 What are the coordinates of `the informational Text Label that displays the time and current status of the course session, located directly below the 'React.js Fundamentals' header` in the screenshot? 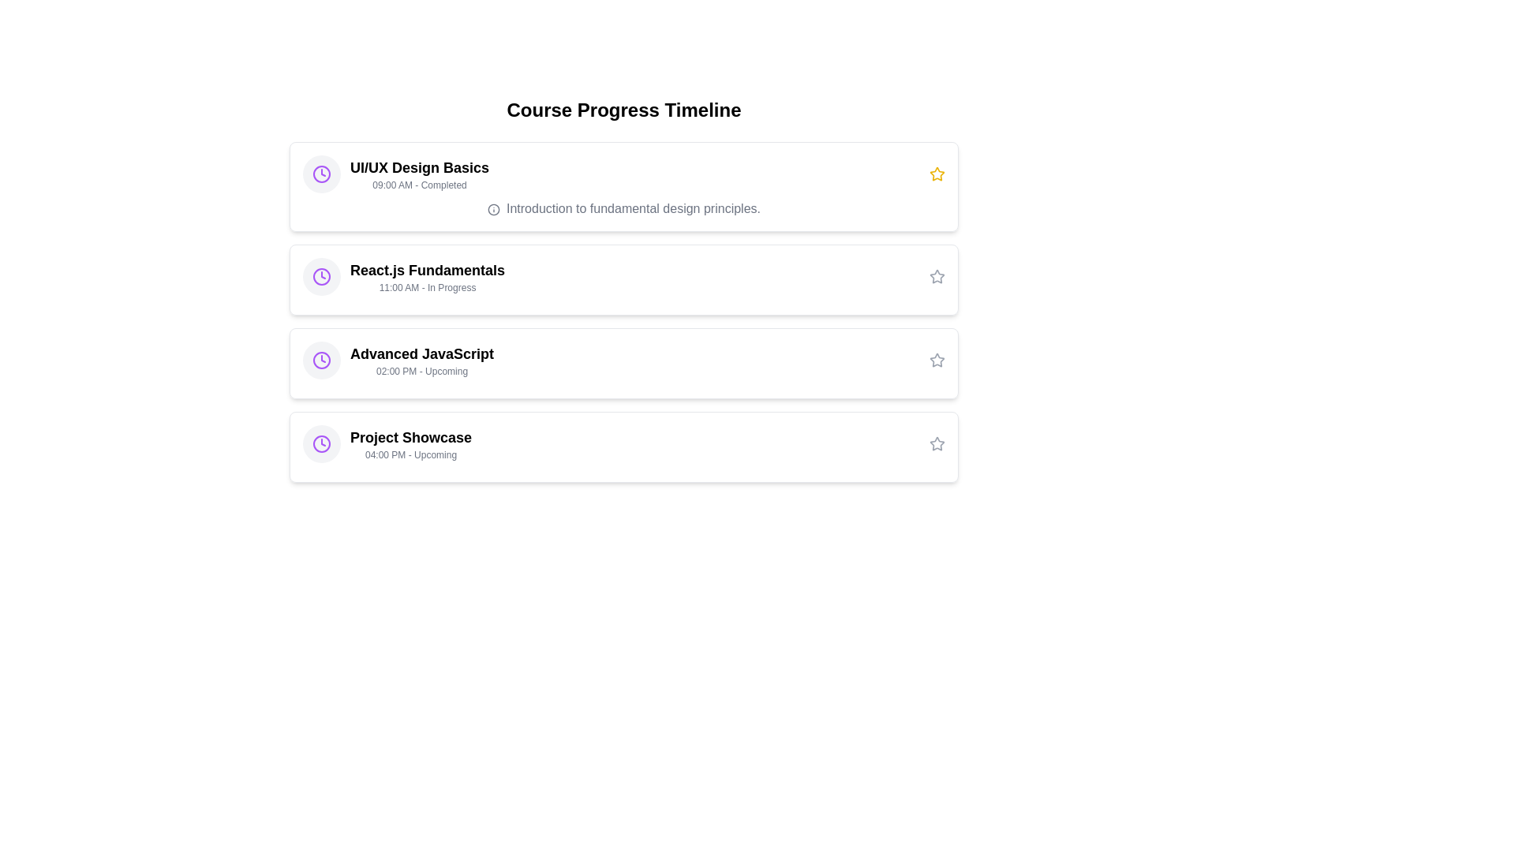 It's located at (428, 288).